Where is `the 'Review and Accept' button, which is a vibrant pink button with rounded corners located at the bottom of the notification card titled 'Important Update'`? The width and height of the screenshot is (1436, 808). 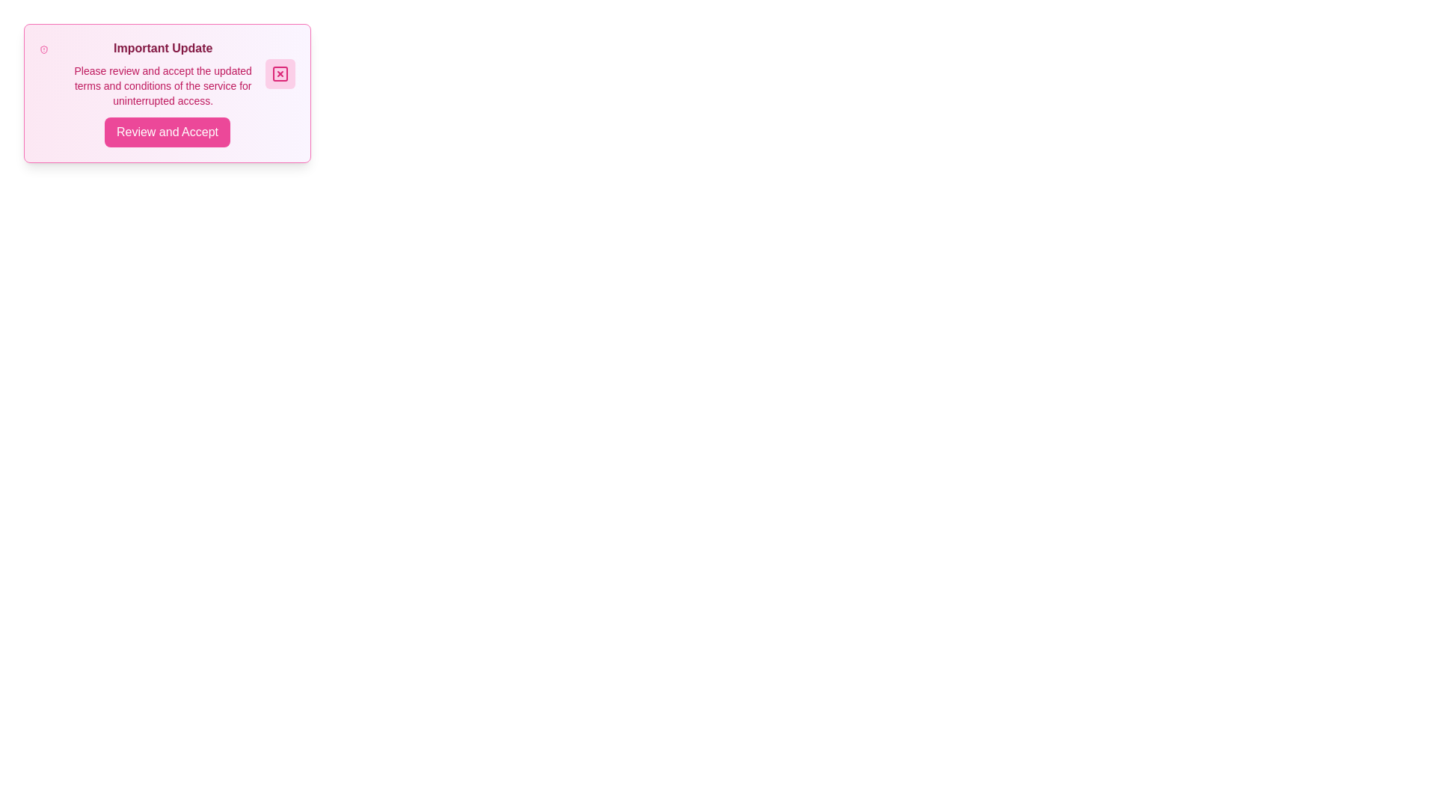
the 'Review and Accept' button, which is a vibrant pink button with rounded corners located at the bottom of the notification card titled 'Important Update' is located at coordinates (168, 132).